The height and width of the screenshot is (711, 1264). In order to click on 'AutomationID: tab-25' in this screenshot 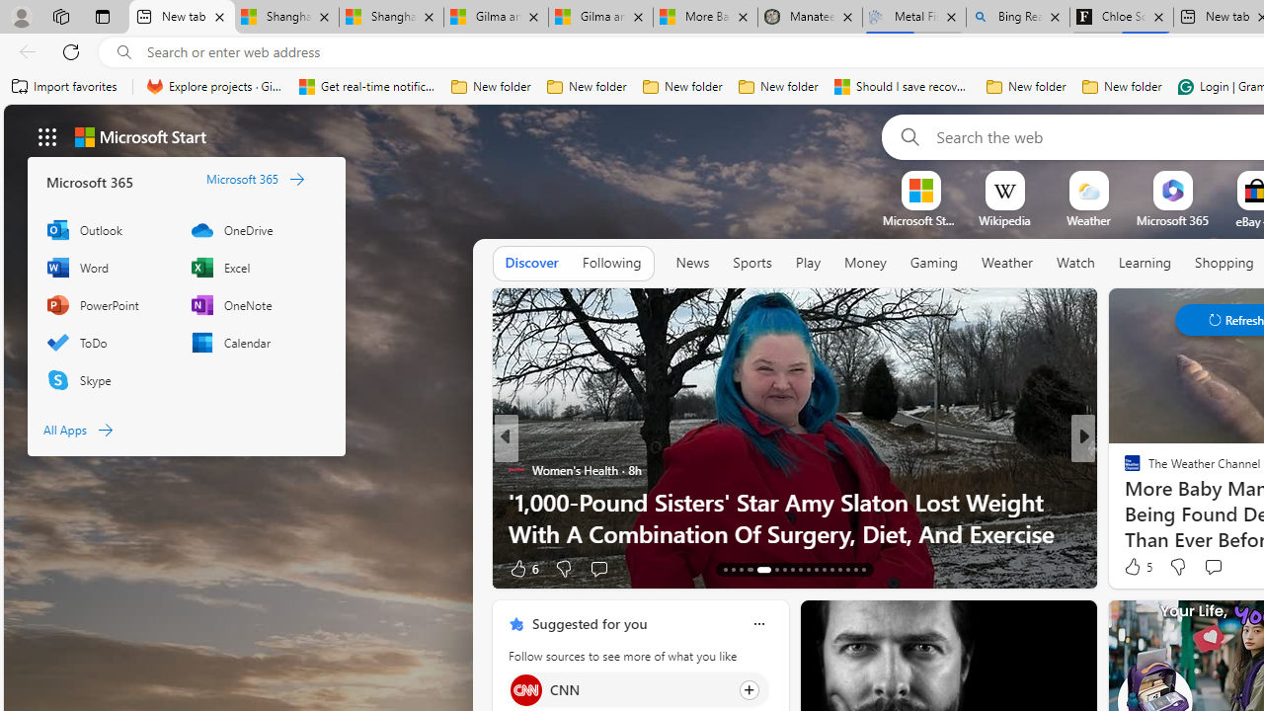, I will do `click(831, 570)`.